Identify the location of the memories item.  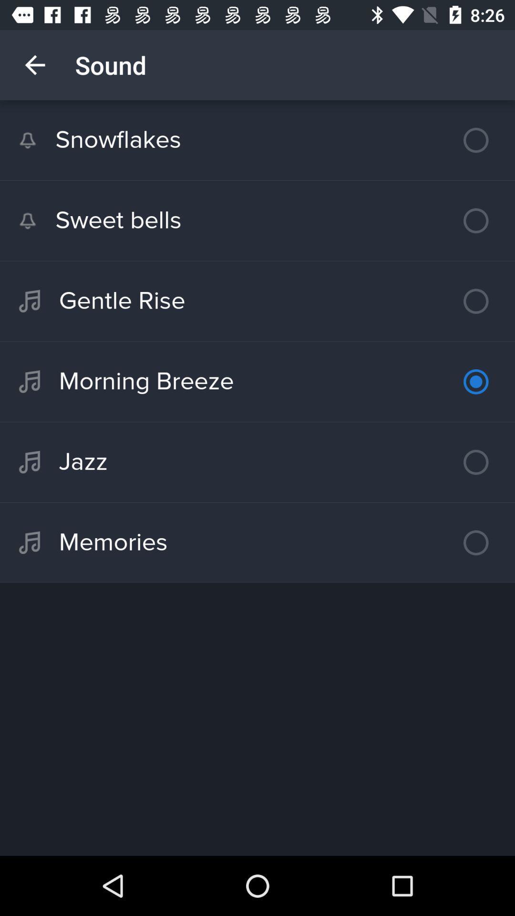
(257, 542).